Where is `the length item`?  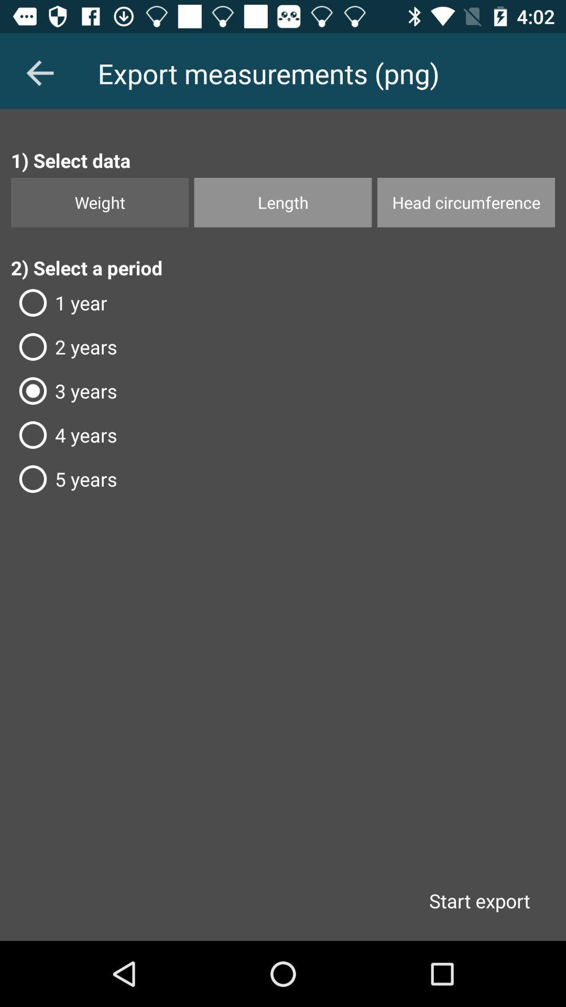
the length item is located at coordinates (283, 202).